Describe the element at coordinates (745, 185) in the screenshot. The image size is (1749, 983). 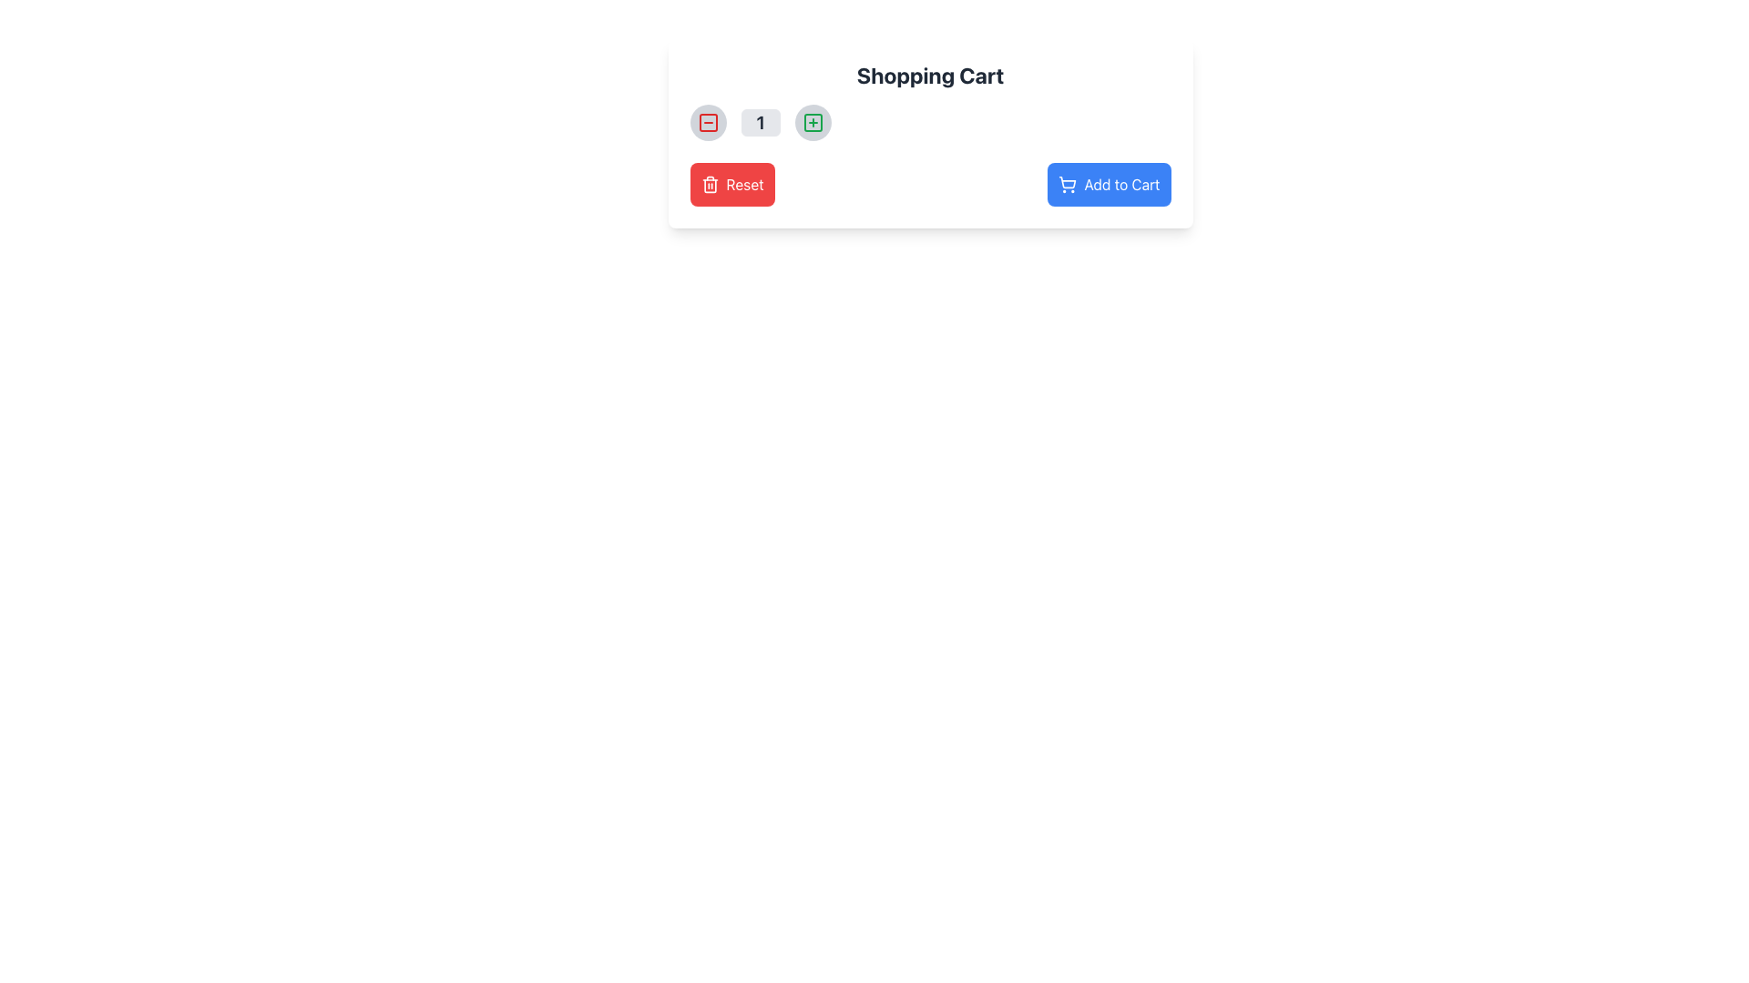
I see `the red 'Reset' button with rounded corners located below the 'Shopping Cart' title` at that location.